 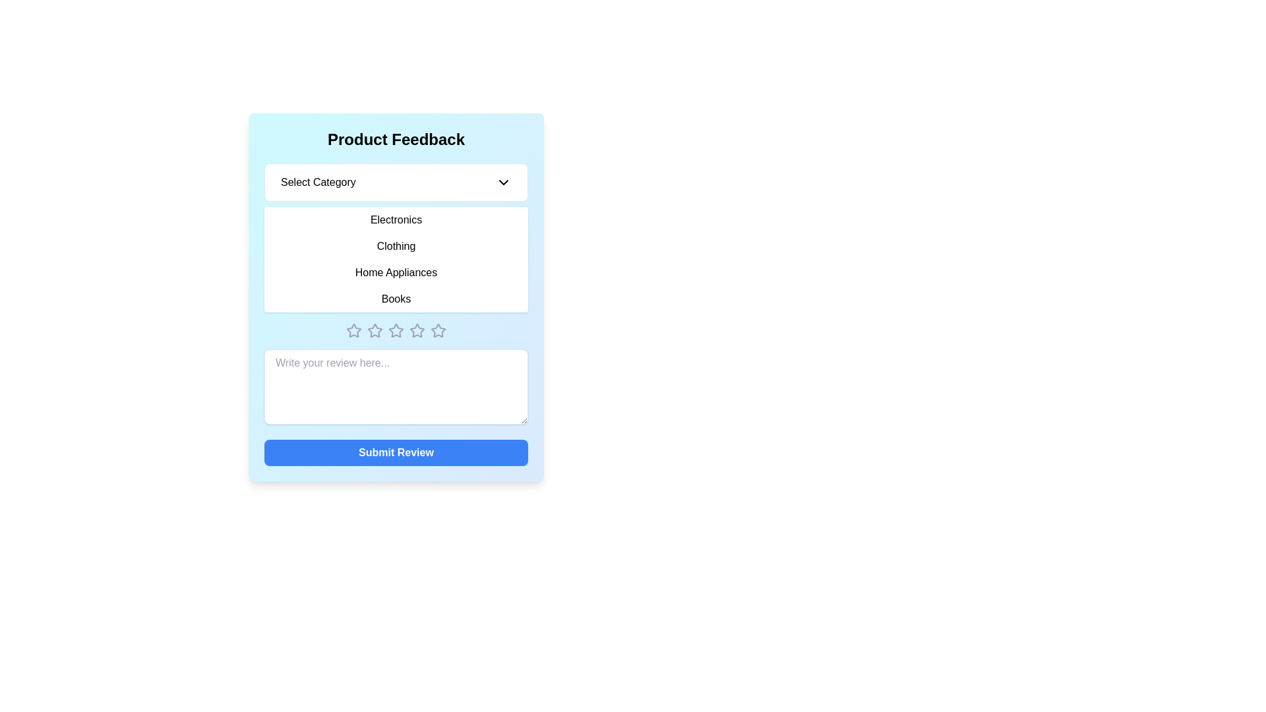 What do you see at coordinates (395, 220) in the screenshot?
I see `the text label displaying 'Electronics' which is the first item in the dropdown menu group below 'Select Category'` at bounding box center [395, 220].